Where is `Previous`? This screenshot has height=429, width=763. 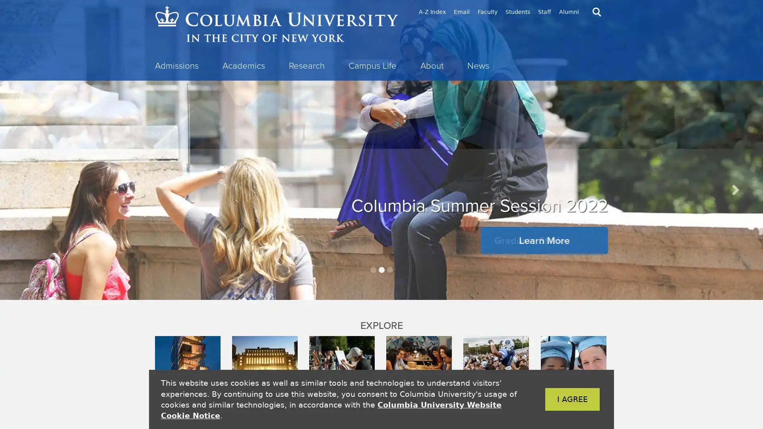 Previous is located at coordinates (28, 189).